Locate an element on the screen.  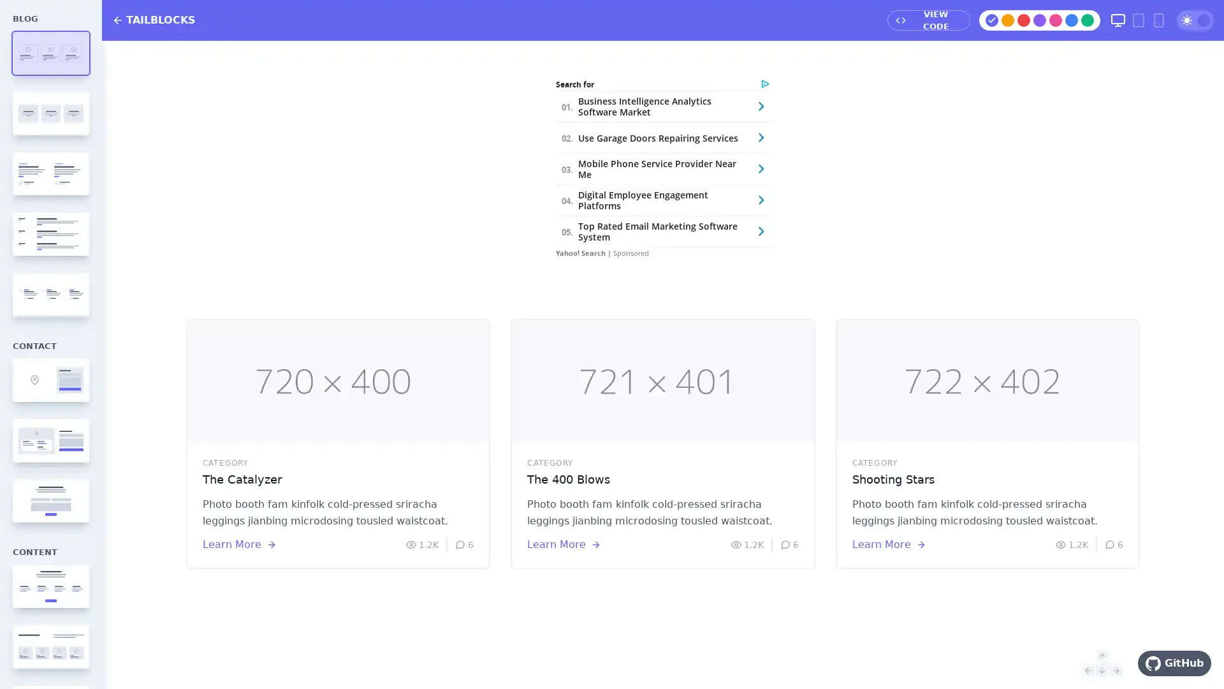
TAILBLOCKS is located at coordinates (153, 20).